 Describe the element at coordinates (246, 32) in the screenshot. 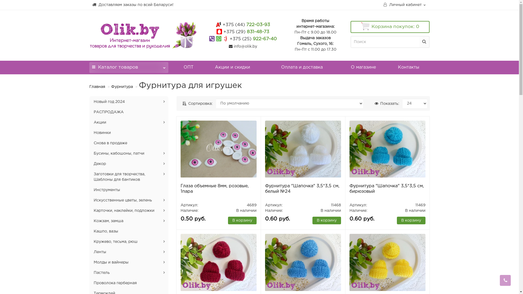

I see `'+375 (29) 831-48-73'` at that location.